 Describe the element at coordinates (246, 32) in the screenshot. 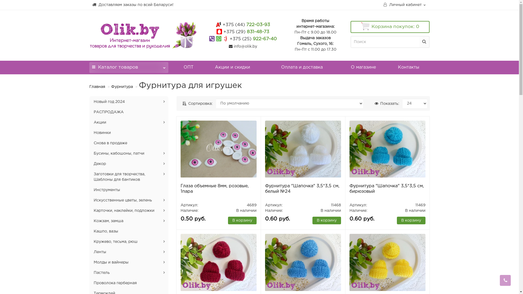

I see `'+375 (29) 831-48-73'` at that location.